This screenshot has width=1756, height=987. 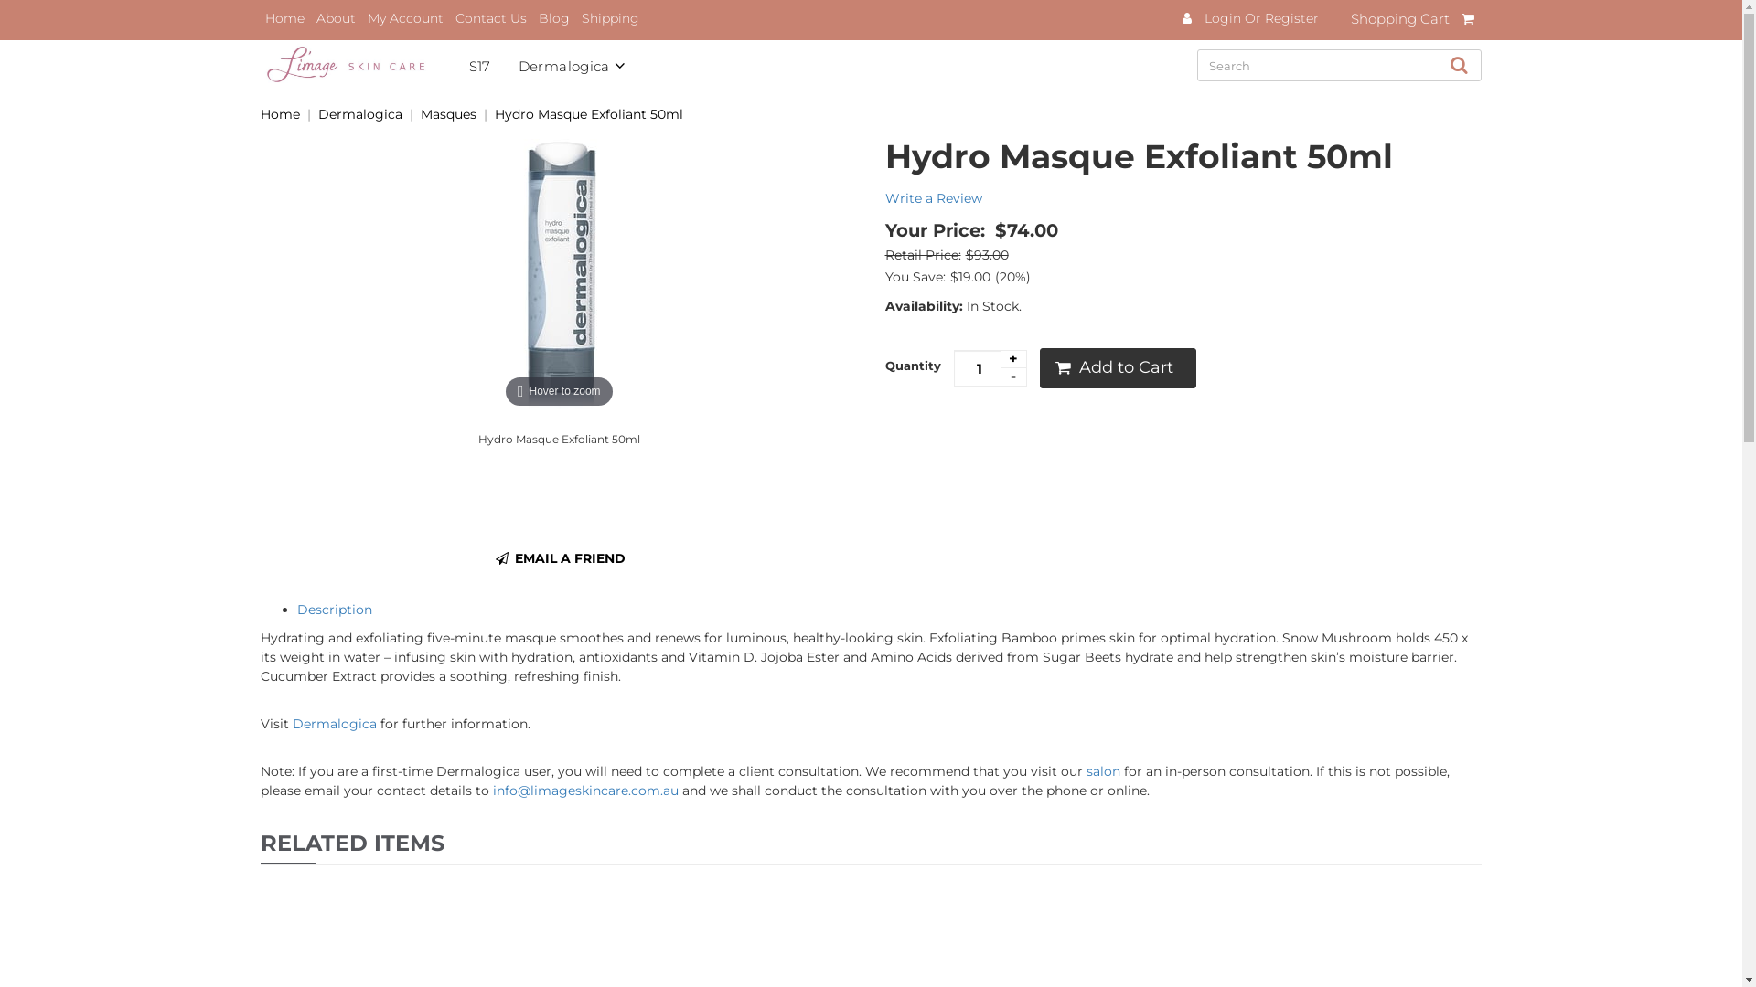 I want to click on 'Contact Us', so click(x=491, y=17).